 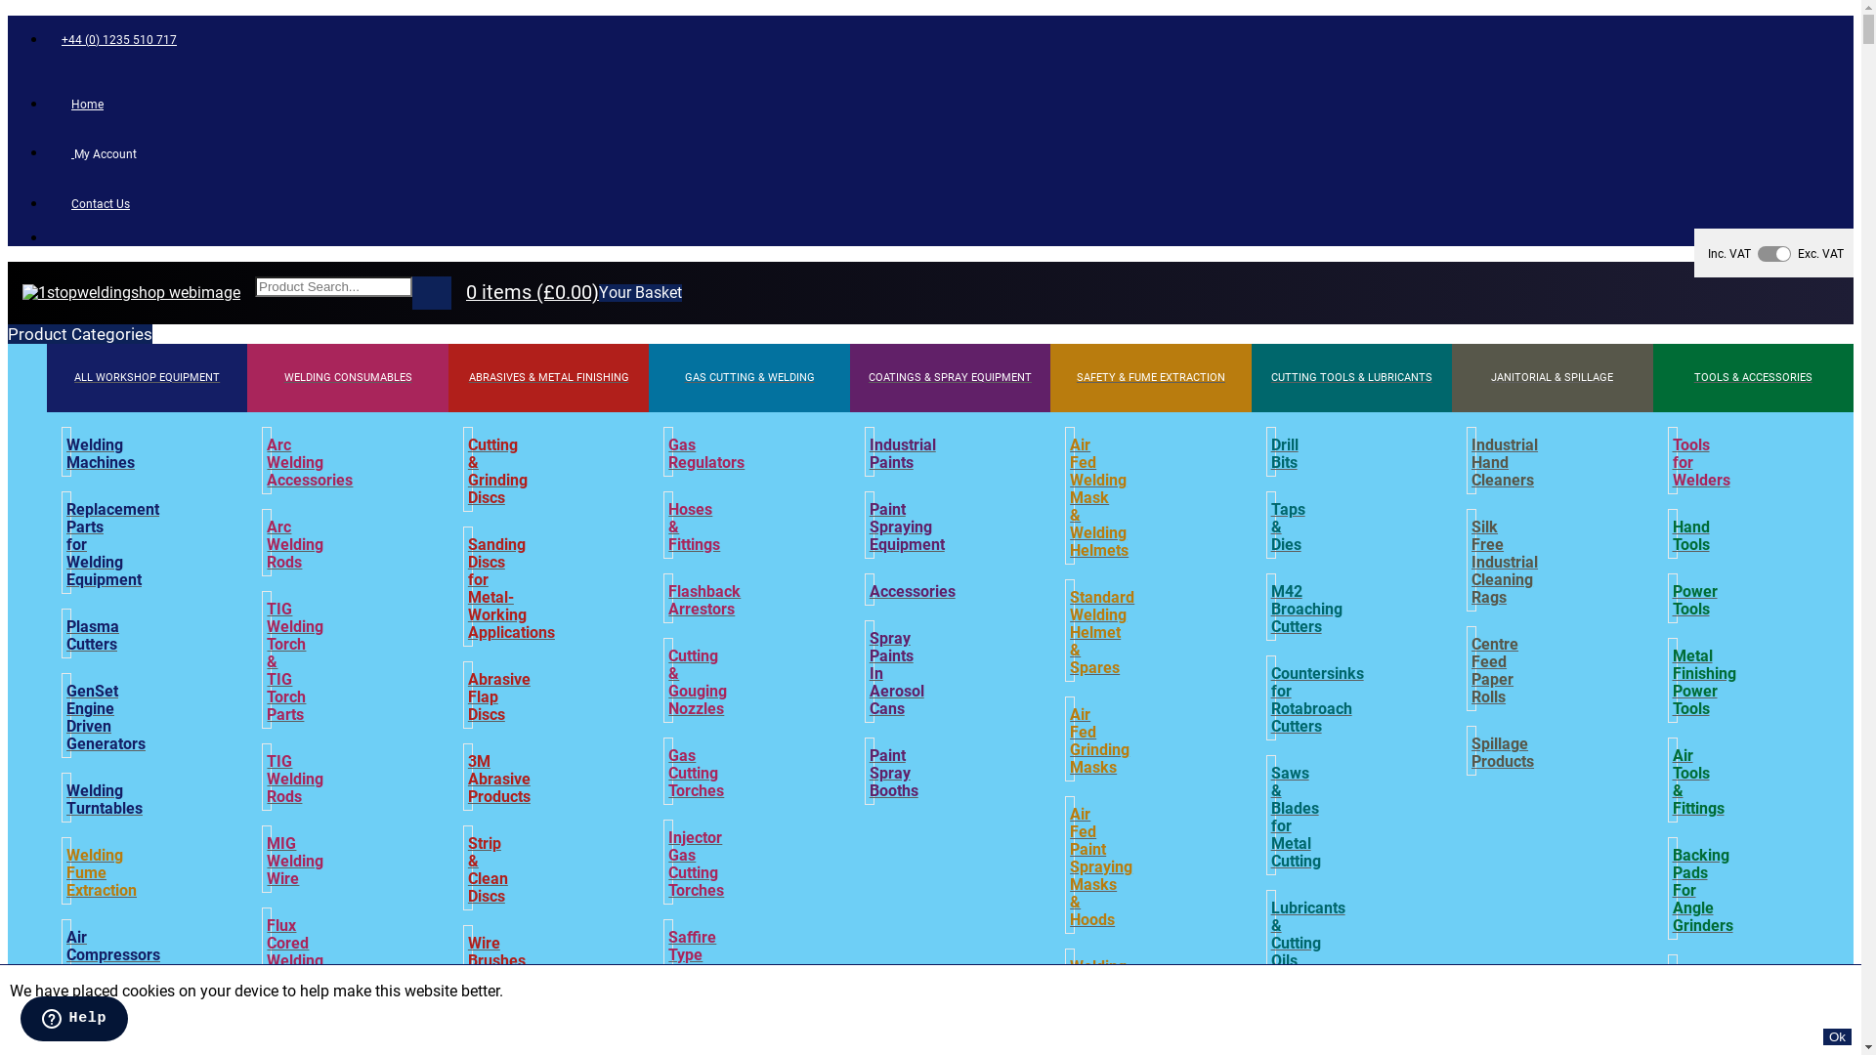 I want to click on 'Taps & Dies', so click(x=1288, y=527).